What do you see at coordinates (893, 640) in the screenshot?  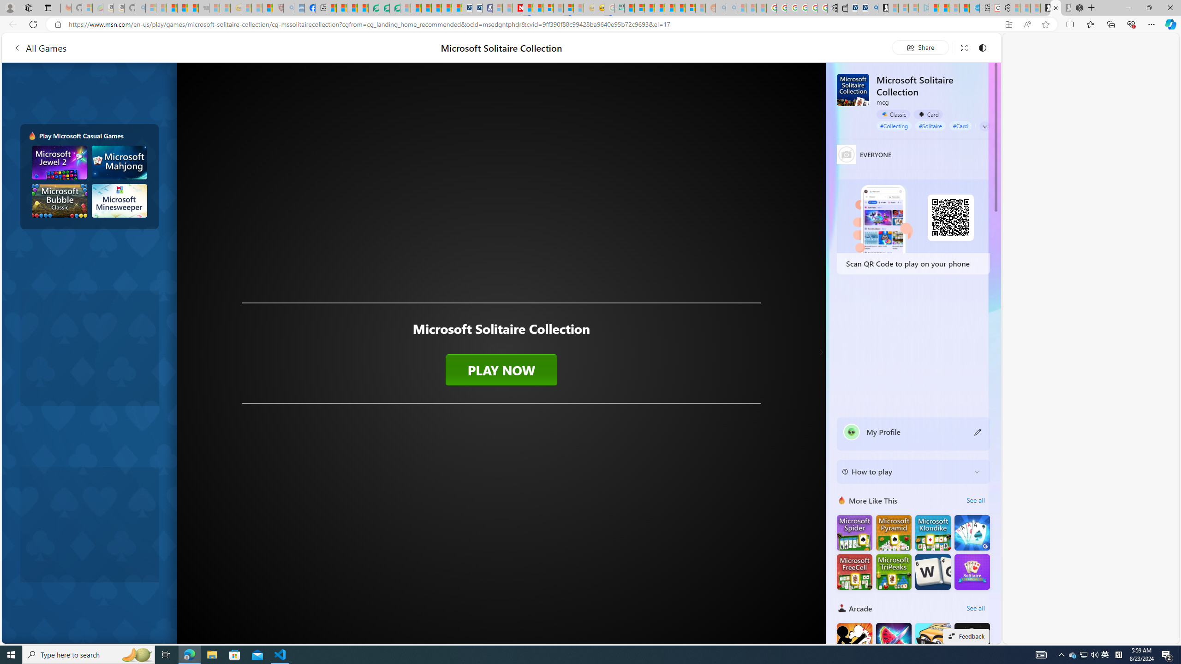 I see `'Fruit Chopper'` at bounding box center [893, 640].